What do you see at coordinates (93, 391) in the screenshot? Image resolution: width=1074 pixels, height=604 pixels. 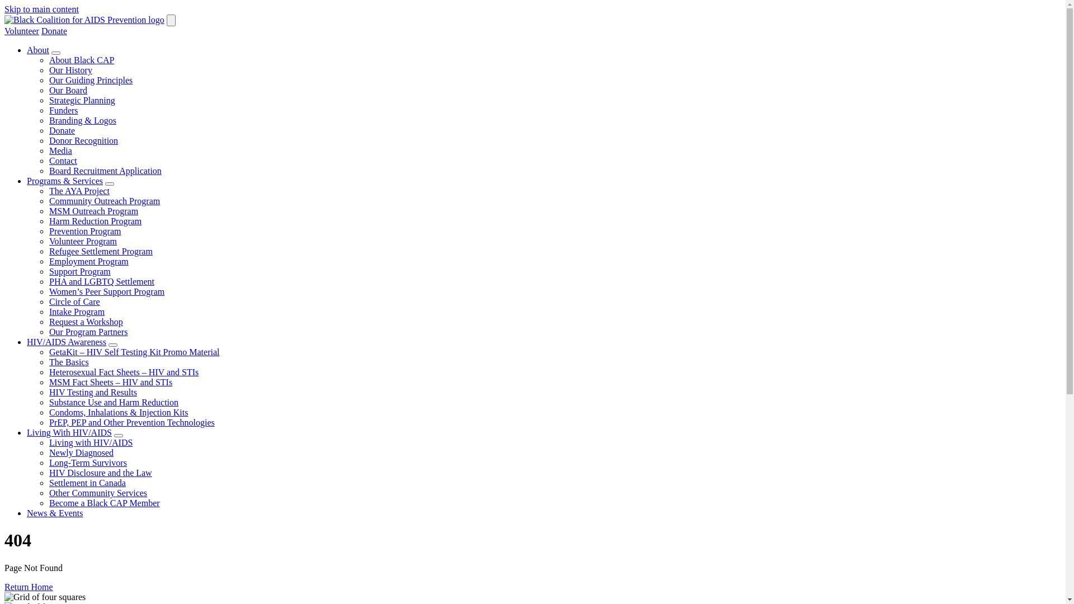 I see `'HIV Testing and Results'` at bounding box center [93, 391].